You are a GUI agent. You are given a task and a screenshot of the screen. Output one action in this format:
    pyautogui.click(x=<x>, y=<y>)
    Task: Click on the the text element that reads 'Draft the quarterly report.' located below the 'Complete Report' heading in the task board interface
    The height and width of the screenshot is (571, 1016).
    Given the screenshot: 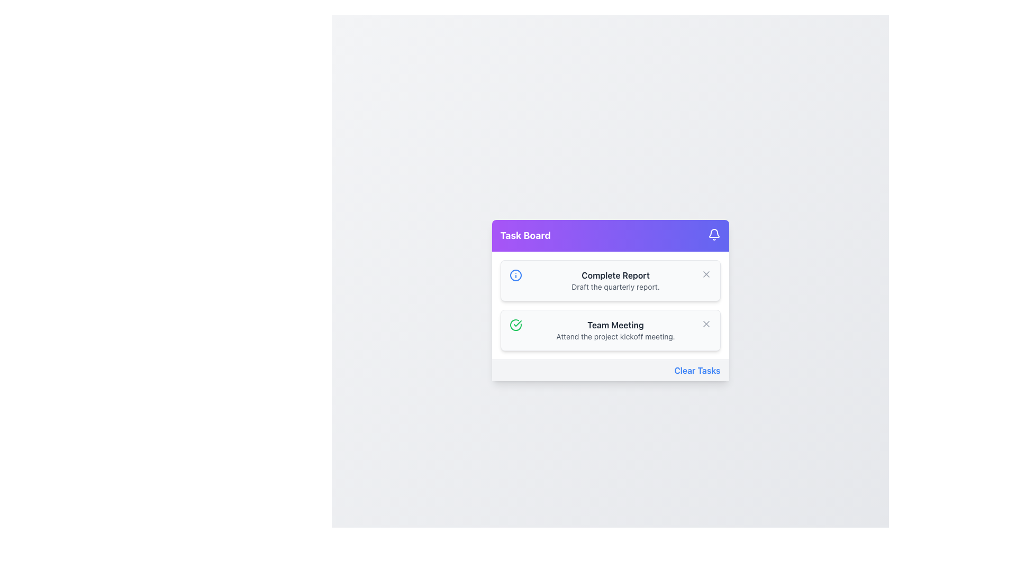 What is the action you would take?
    pyautogui.click(x=615, y=287)
    